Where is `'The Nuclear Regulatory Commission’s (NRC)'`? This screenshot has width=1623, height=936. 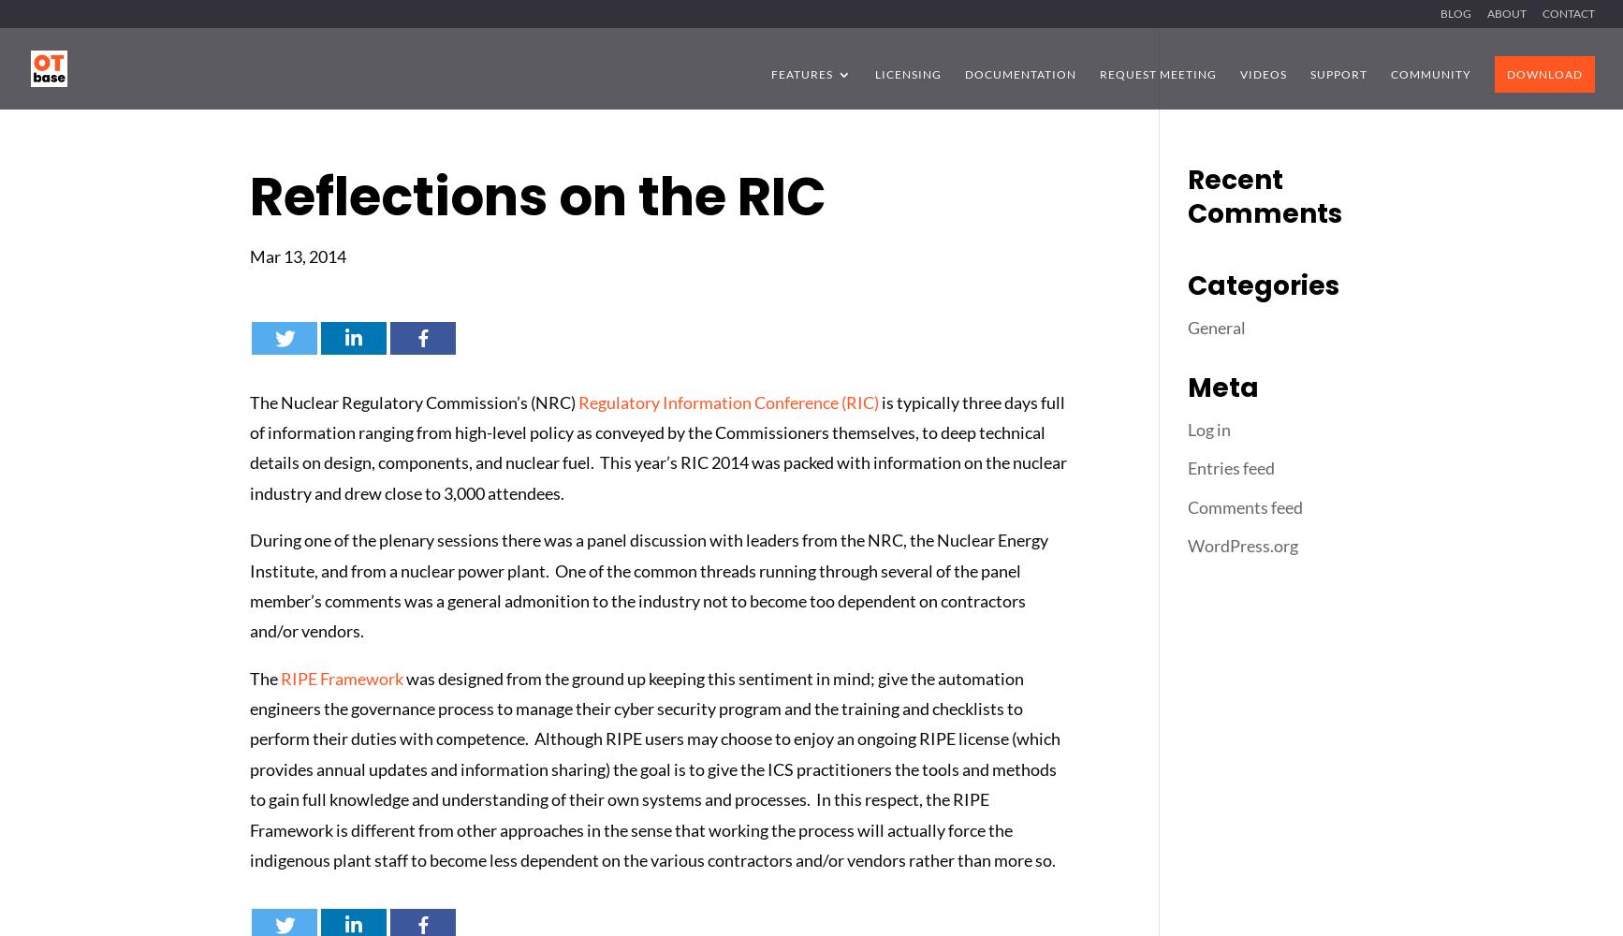
'The Nuclear Regulatory Commission’s (NRC)' is located at coordinates (413, 402).